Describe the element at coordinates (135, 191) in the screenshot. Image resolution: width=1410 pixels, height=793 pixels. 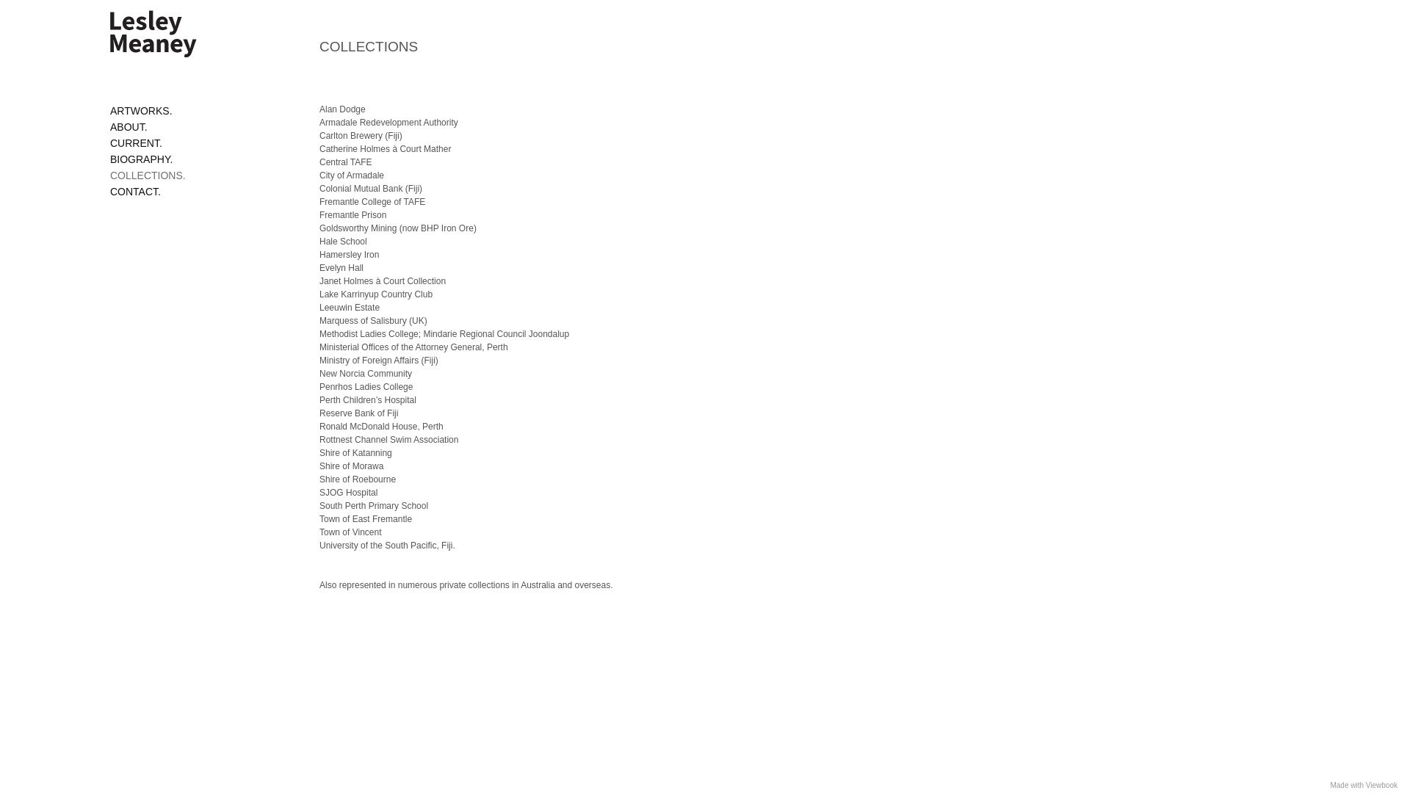
I see `'CONTACT.'` at that location.